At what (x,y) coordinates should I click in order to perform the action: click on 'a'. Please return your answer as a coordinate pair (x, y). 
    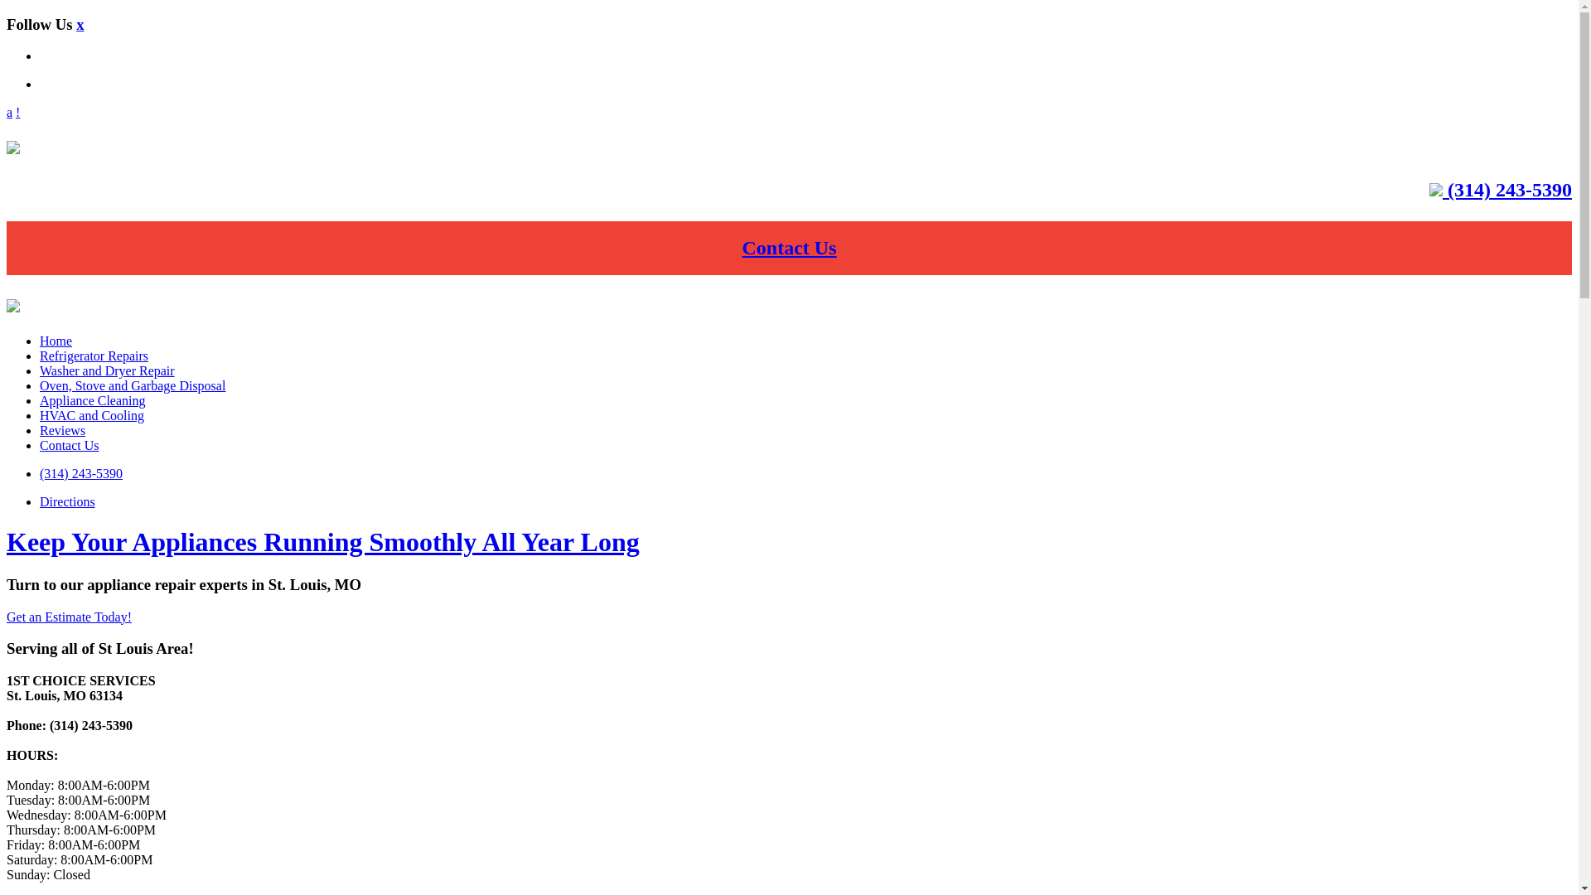
    Looking at the image, I should click on (9, 112).